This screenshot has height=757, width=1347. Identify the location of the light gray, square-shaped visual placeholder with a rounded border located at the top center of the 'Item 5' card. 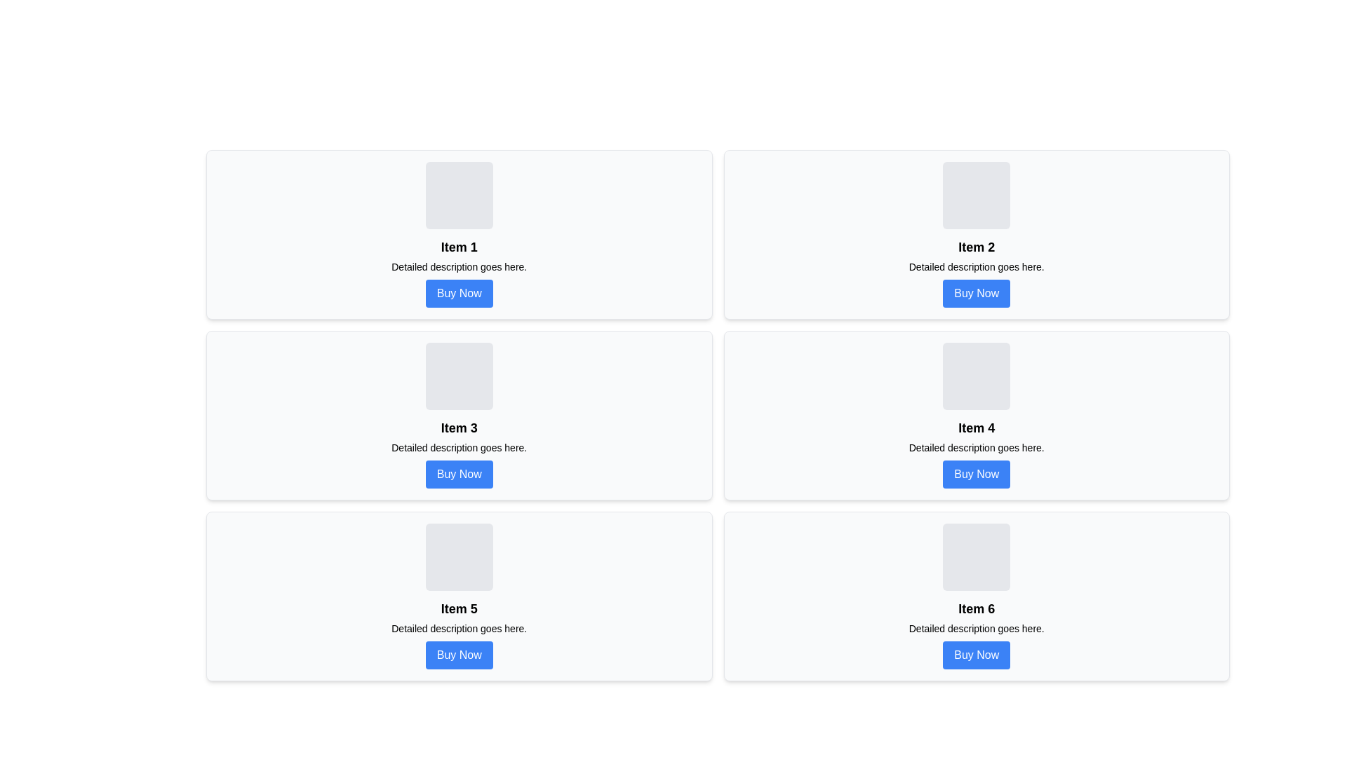
(459, 556).